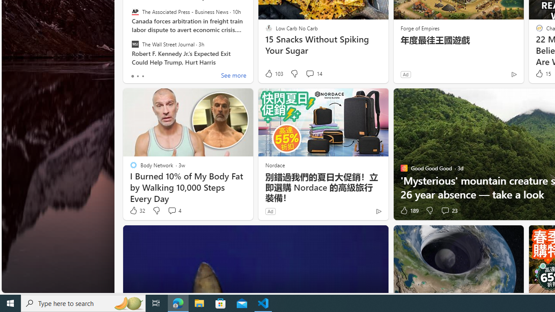  Describe the element at coordinates (445, 211) in the screenshot. I see `'View comments 23 Comment'` at that location.